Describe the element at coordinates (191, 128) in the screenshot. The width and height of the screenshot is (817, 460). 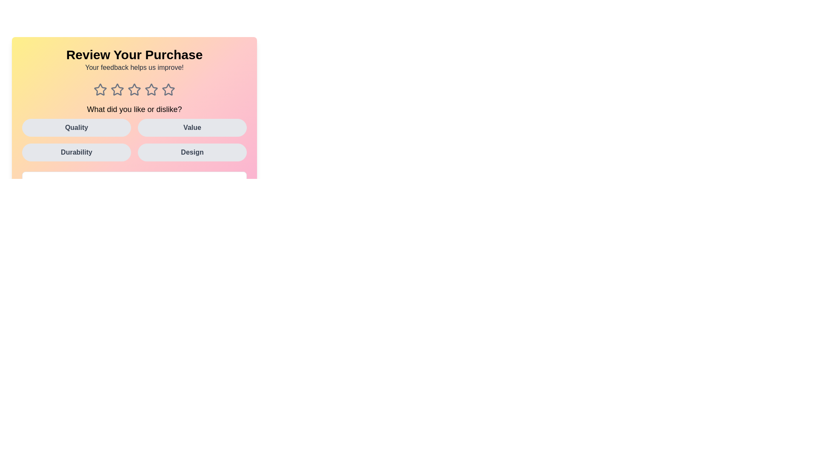
I see `the 'Value' button in the feedback interface` at that location.